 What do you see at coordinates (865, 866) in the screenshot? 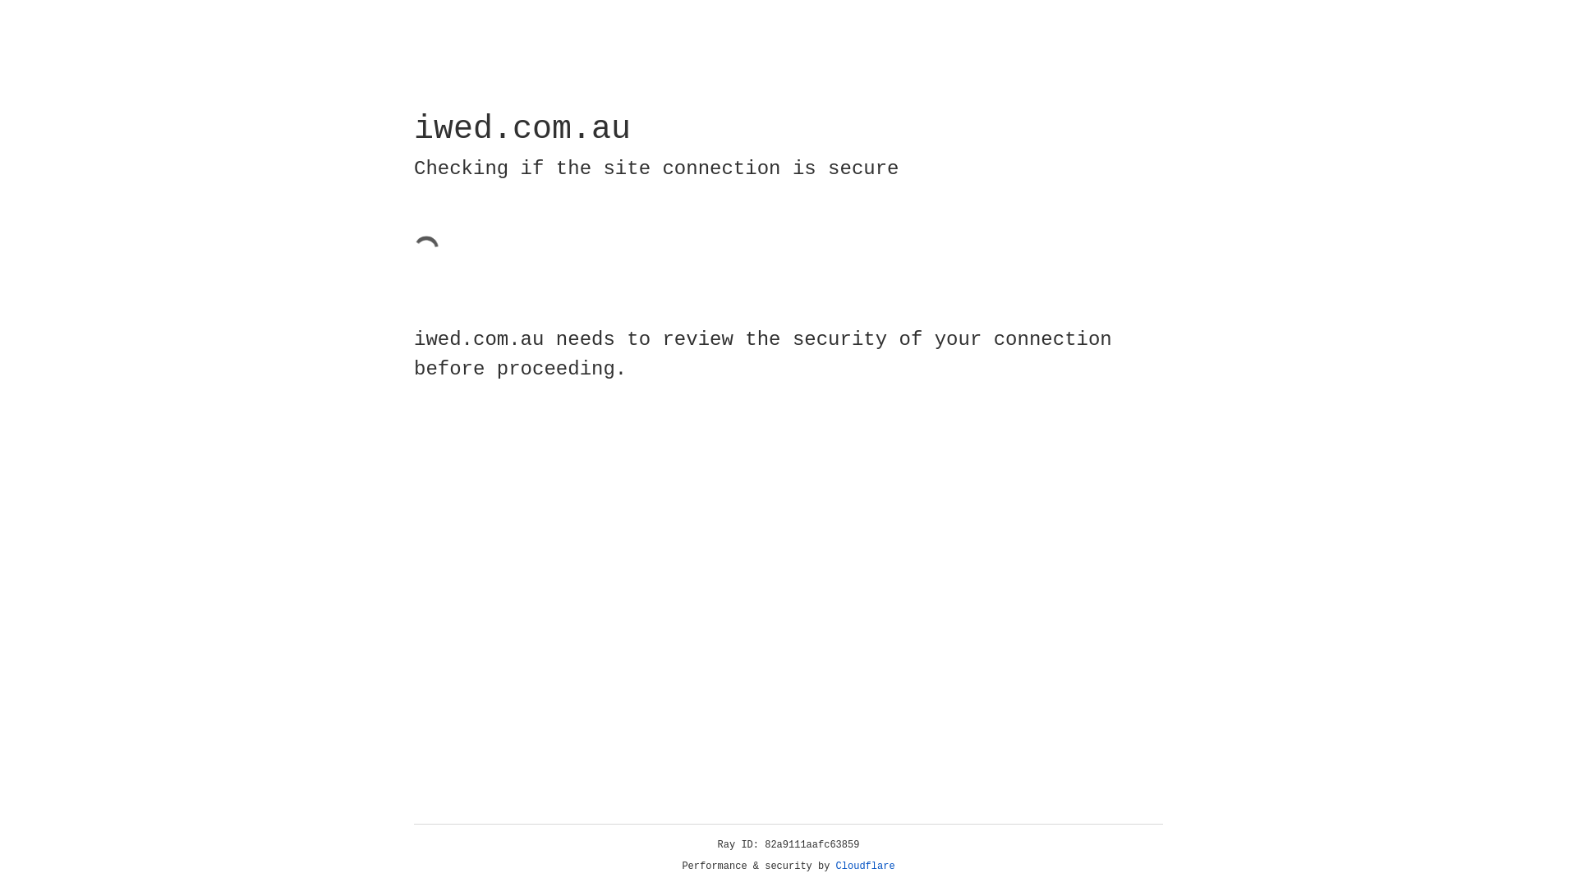
I see `'Cloudflare'` at bounding box center [865, 866].